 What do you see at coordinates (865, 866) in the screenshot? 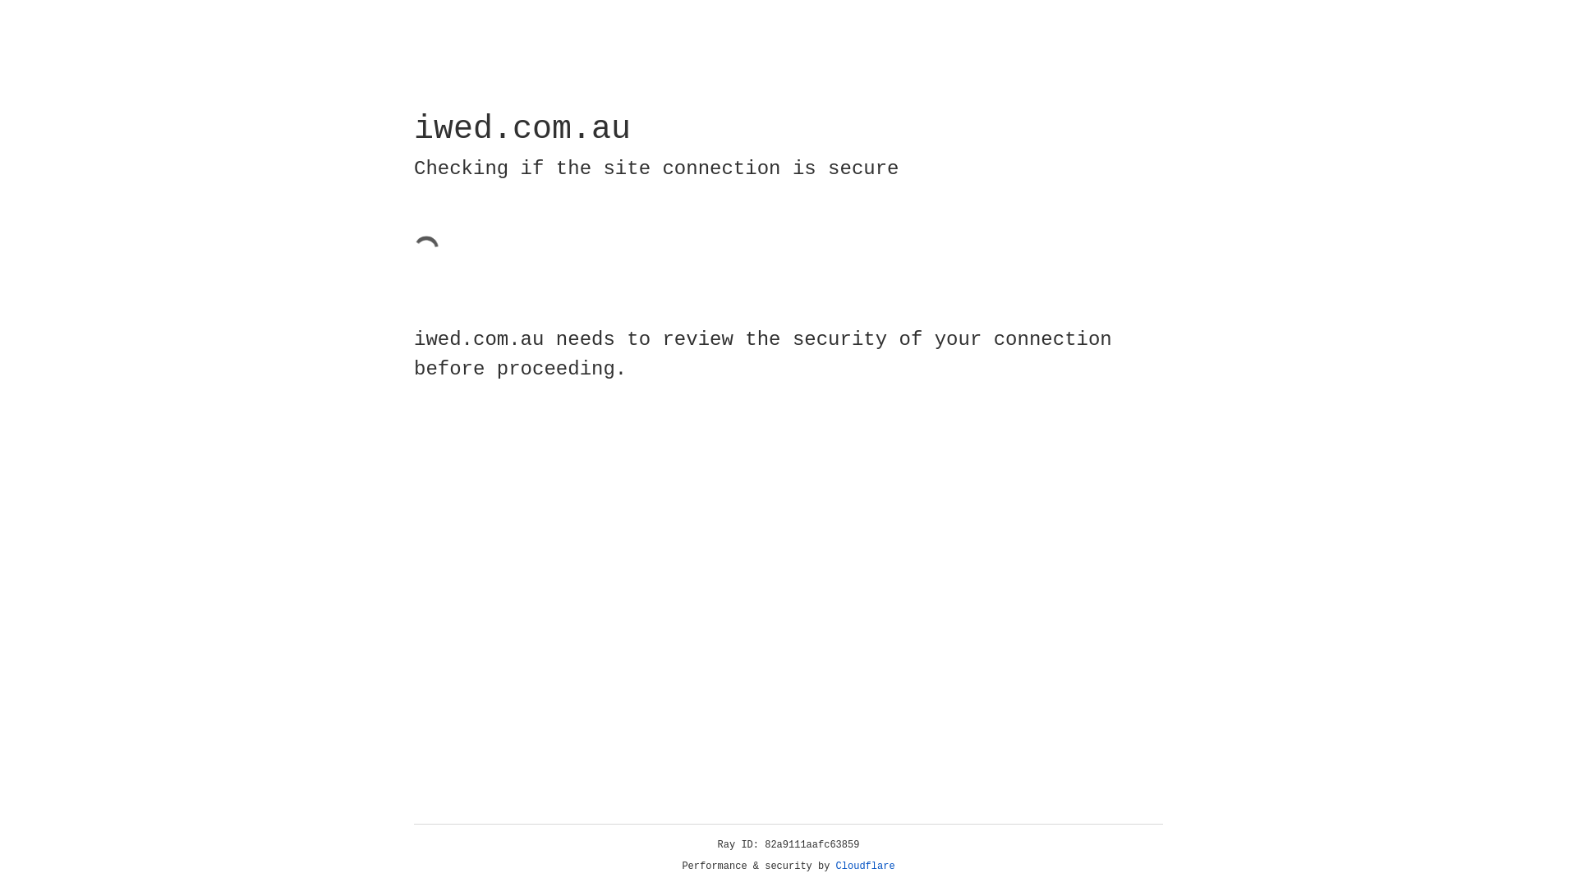
I see `'Cloudflare'` at bounding box center [865, 866].